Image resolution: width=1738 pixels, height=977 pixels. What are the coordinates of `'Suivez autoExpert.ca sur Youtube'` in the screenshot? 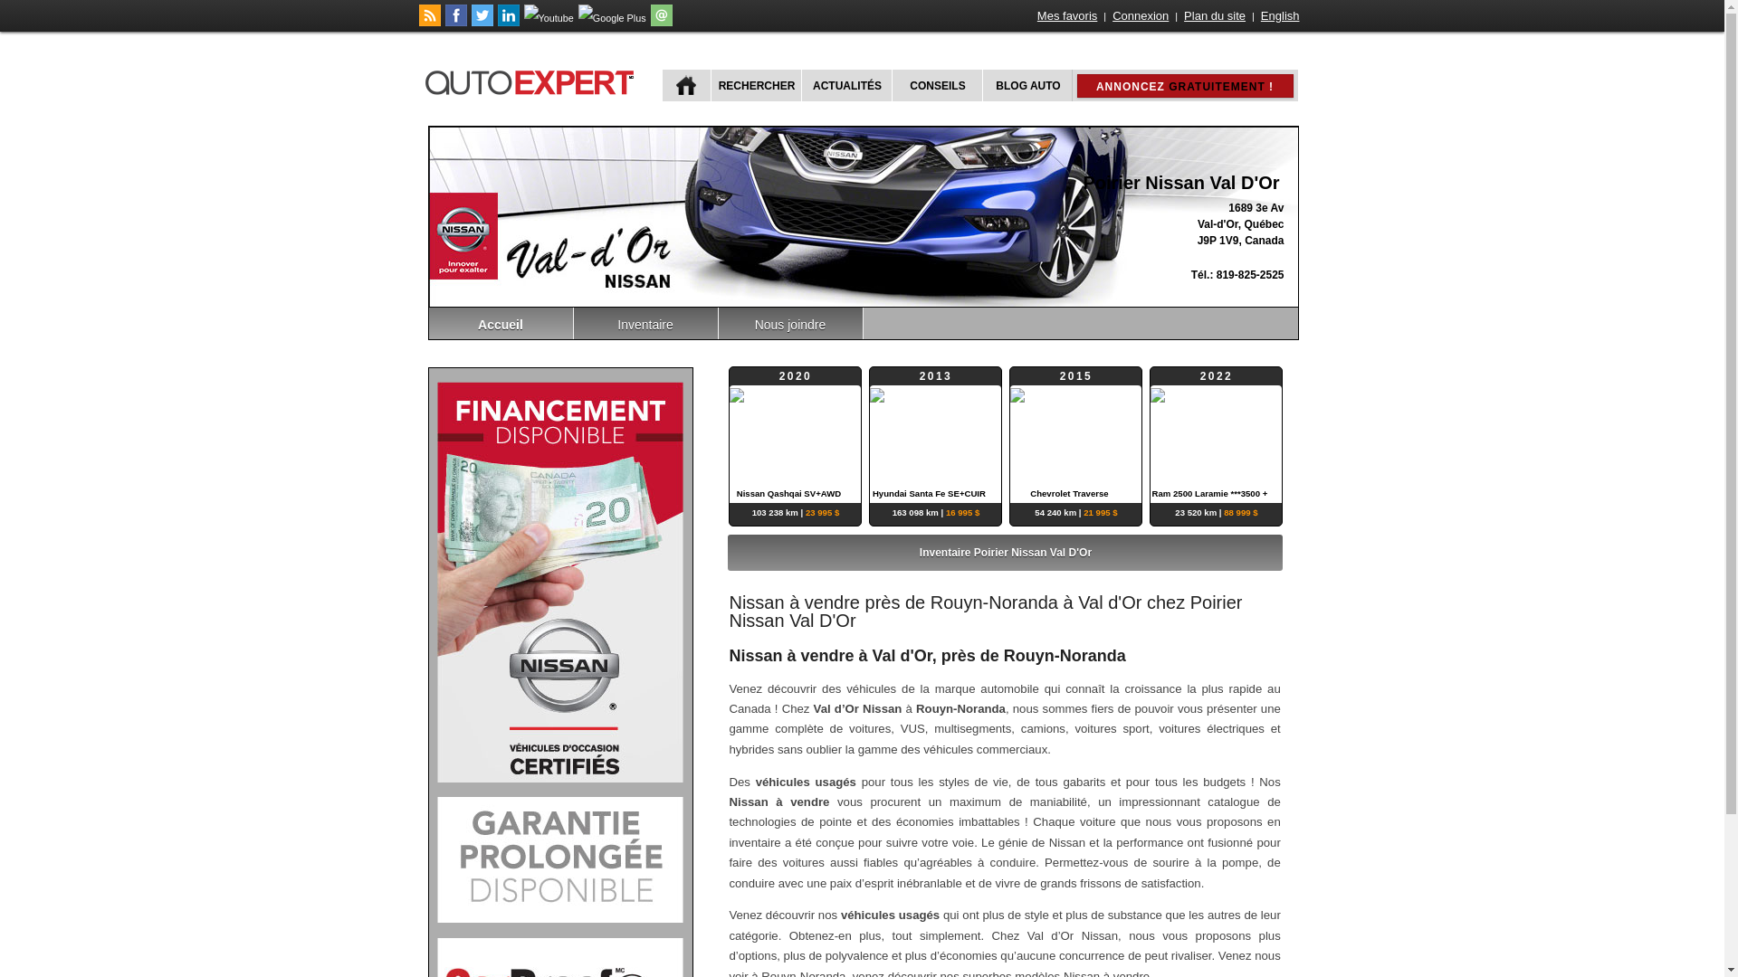 It's located at (547, 17).